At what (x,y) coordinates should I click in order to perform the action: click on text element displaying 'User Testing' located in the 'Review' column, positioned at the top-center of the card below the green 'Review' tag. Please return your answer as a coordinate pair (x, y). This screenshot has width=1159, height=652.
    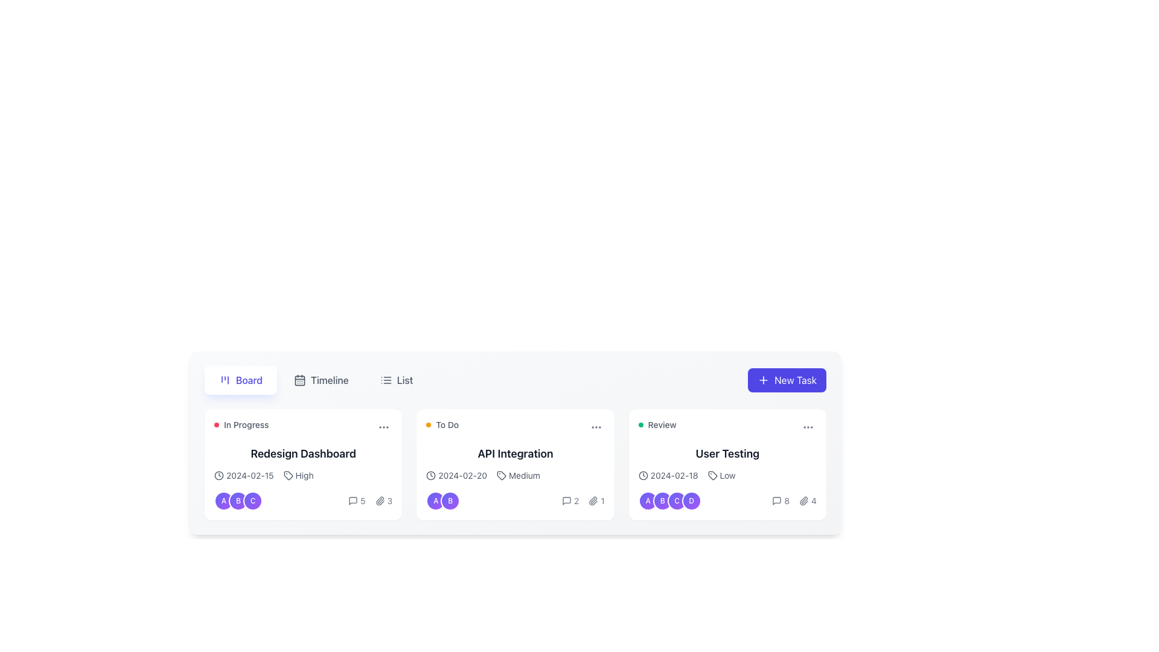
    Looking at the image, I should click on (727, 454).